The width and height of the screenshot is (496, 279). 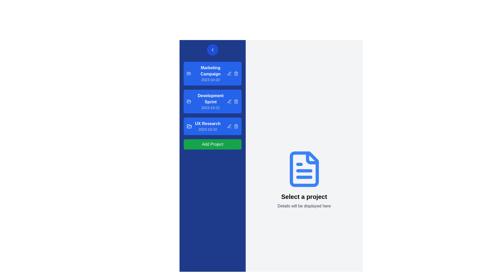 What do you see at coordinates (208, 129) in the screenshot?
I see `the text label displaying '2023-10-22', which is positioned at the bottom right of the 'UX Research' button within a blue background` at bounding box center [208, 129].